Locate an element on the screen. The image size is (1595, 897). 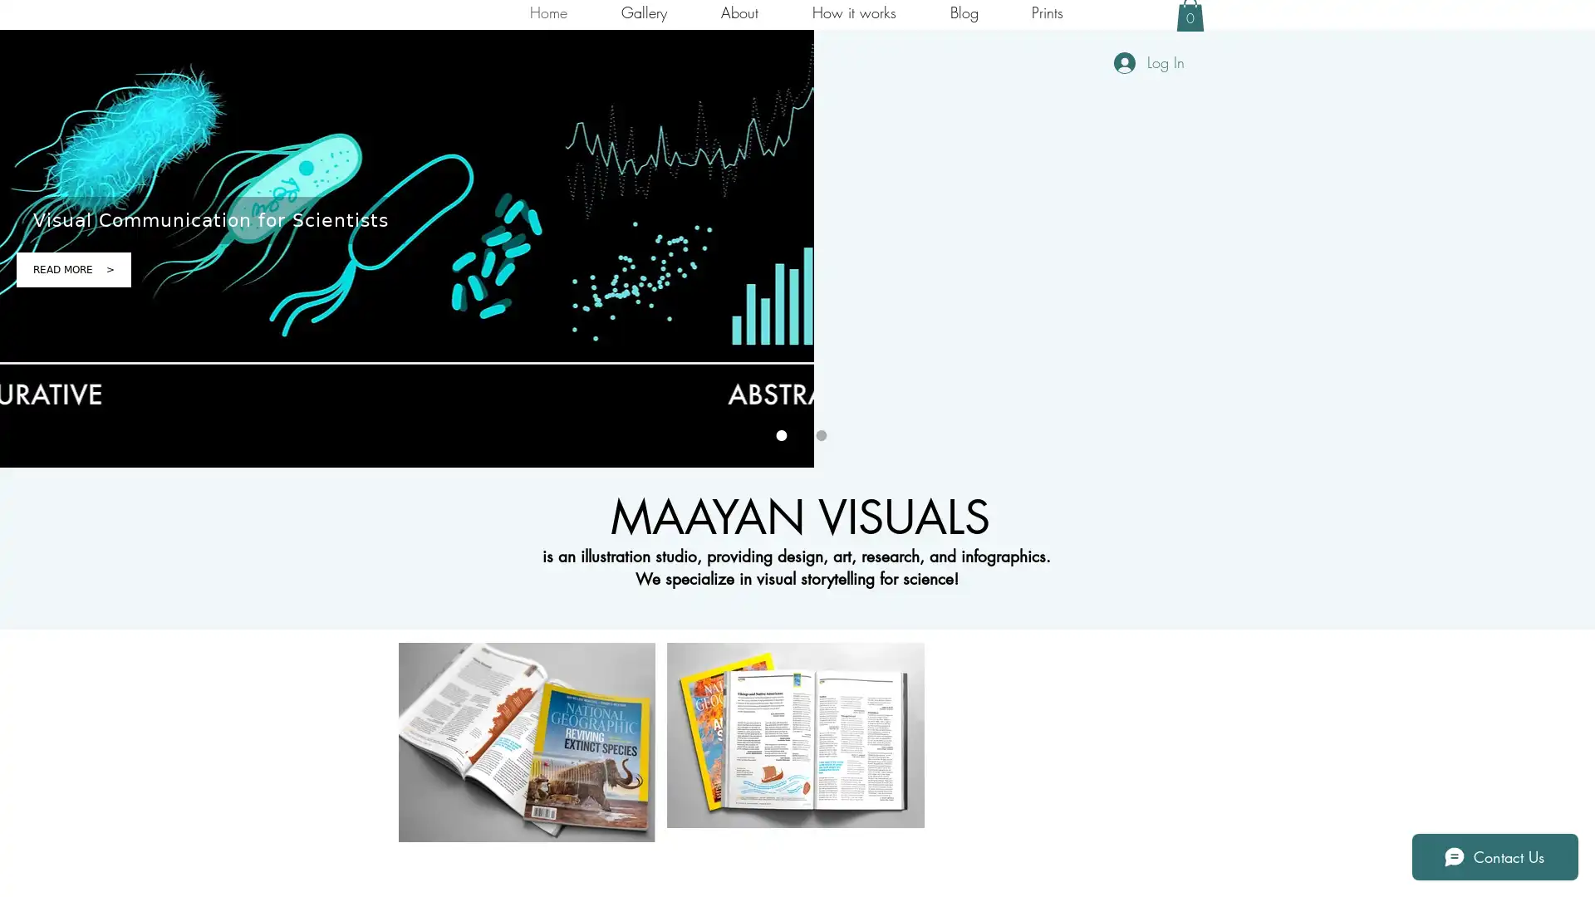
Editorial Illustration is located at coordinates (526, 742).